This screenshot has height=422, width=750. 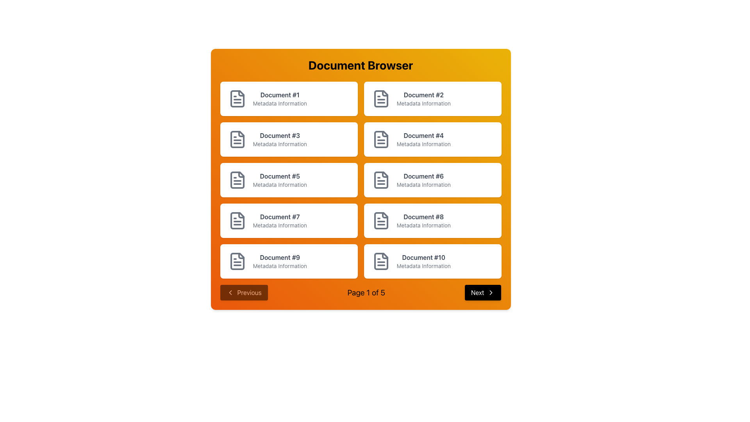 What do you see at coordinates (423, 257) in the screenshot?
I see `the text label that serves as an identifier for a document, located at the bottom-right section of a grid layout` at bounding box center [423, 257].